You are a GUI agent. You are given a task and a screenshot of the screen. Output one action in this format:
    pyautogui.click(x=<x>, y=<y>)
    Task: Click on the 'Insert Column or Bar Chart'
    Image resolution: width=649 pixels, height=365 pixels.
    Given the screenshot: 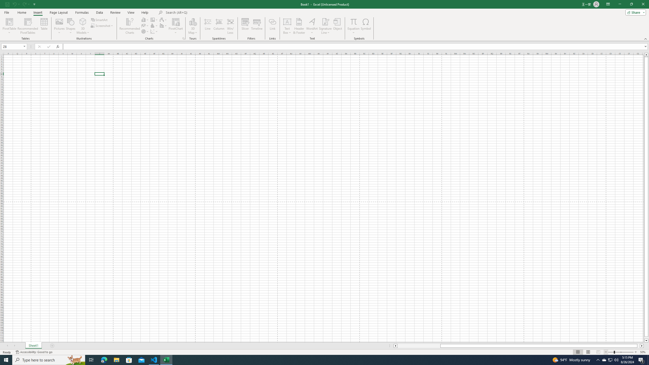 What is the action you would take?
    pyautogui.click(x=145, y=20)
    